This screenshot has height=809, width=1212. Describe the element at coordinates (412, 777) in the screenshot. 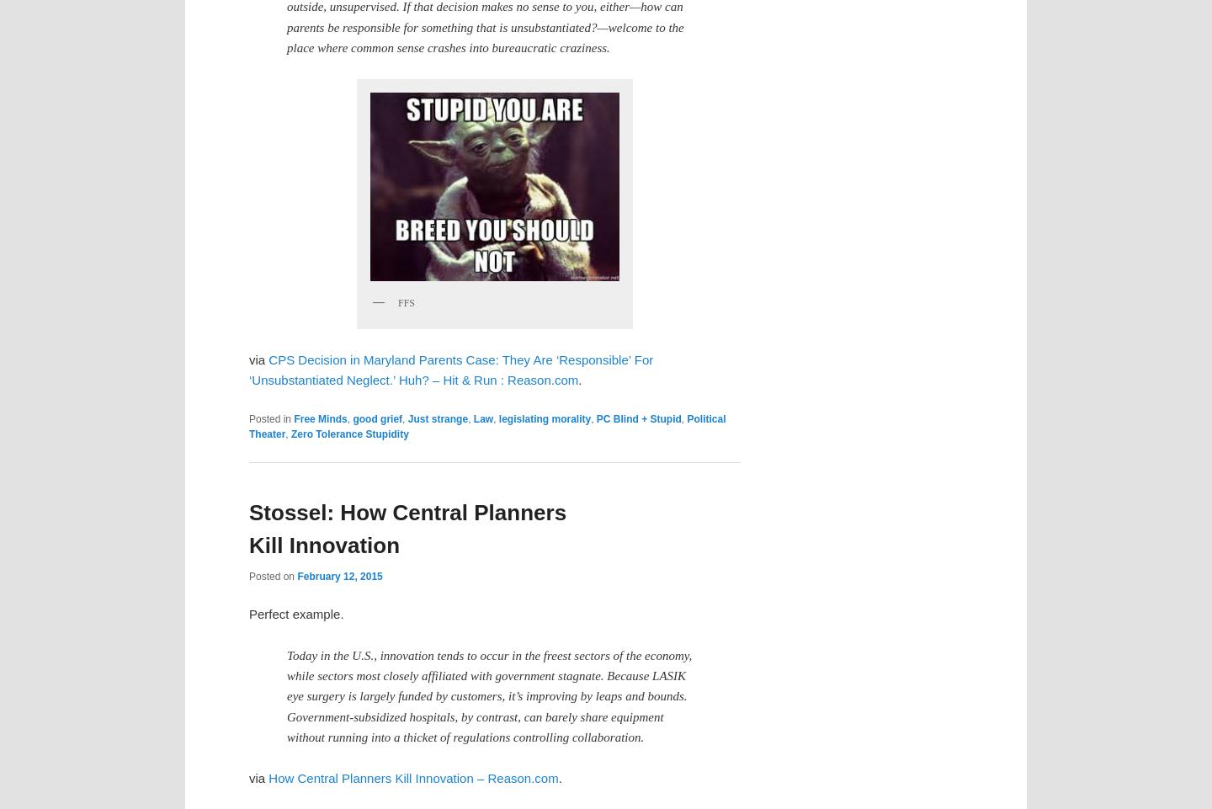

I see `'How Central Planners Kill Innovation – Reason.com'` at that location.